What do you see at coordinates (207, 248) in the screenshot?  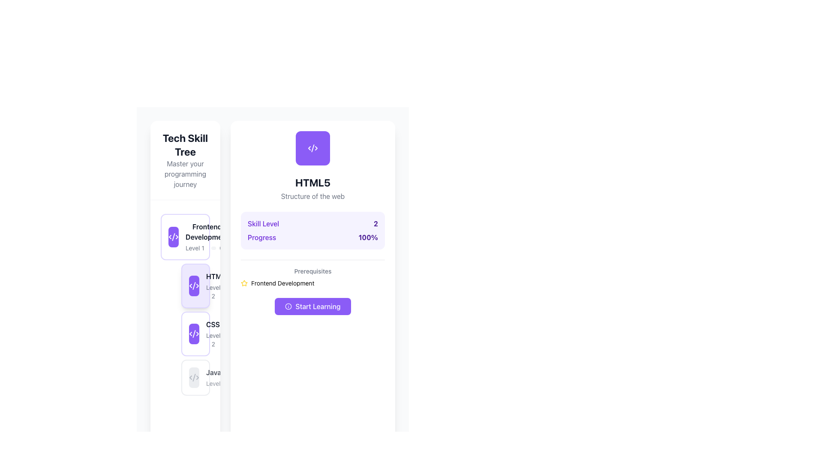 I see `the progress bar located in the content area of the 'Frontend Development' card to potentially interact or view progress details` at bounding box center [207, 248].